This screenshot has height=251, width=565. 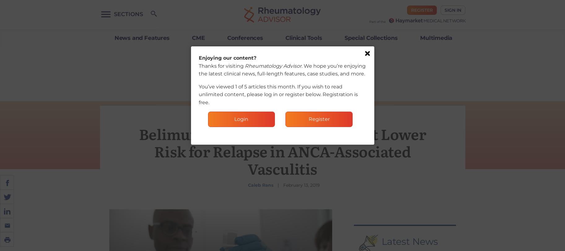 What do you see at coordinates (369, 21) in the screenshot?
I see `'Part of the'` at bounding box center [369, 21].